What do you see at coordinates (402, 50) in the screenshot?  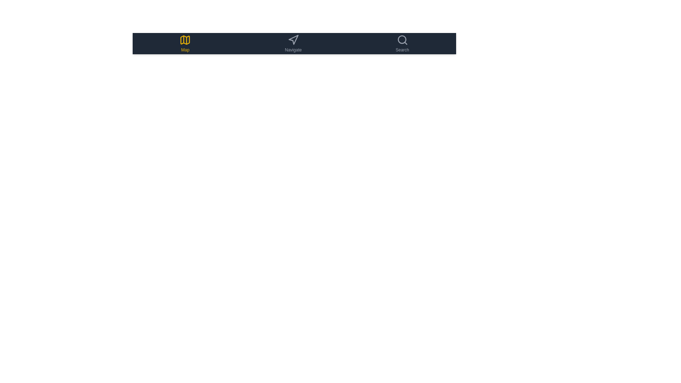 I see `the 'Search' text label component, which is a small-sized text displayed in light gray against a dark background, located below the magnifying glass icon in the top-right section of the interface` at bounding box center [402, 50].